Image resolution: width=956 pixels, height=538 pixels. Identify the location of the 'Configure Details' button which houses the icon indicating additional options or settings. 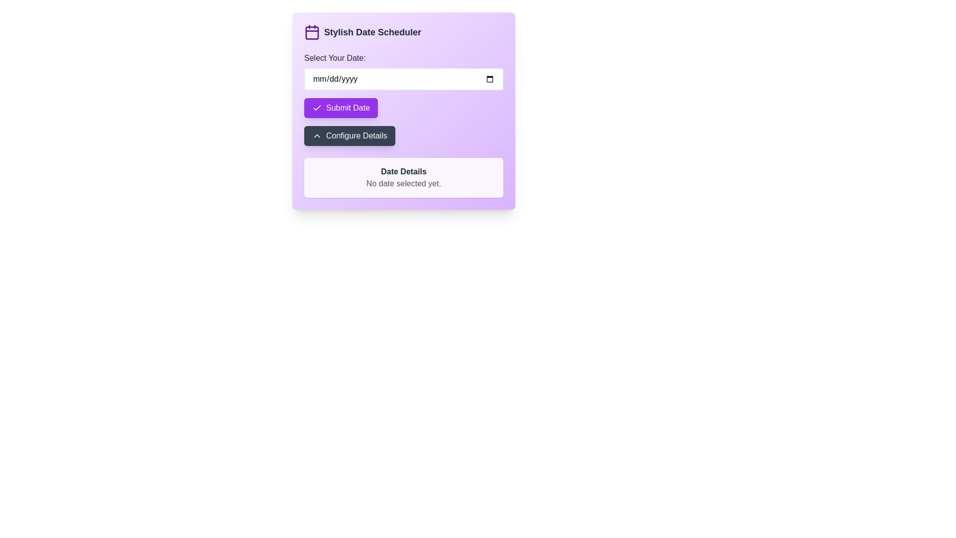
(317, 136).